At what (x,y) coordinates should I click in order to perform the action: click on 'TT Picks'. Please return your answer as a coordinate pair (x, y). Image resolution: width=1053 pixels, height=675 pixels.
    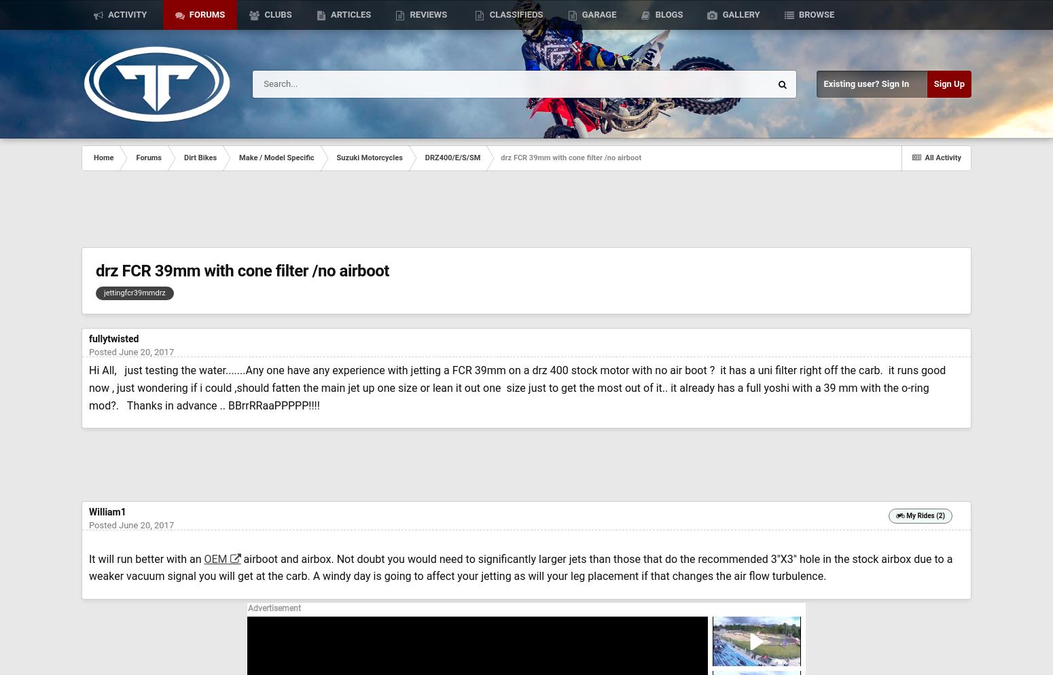
    Looking at the image, I should click on (128, 77).